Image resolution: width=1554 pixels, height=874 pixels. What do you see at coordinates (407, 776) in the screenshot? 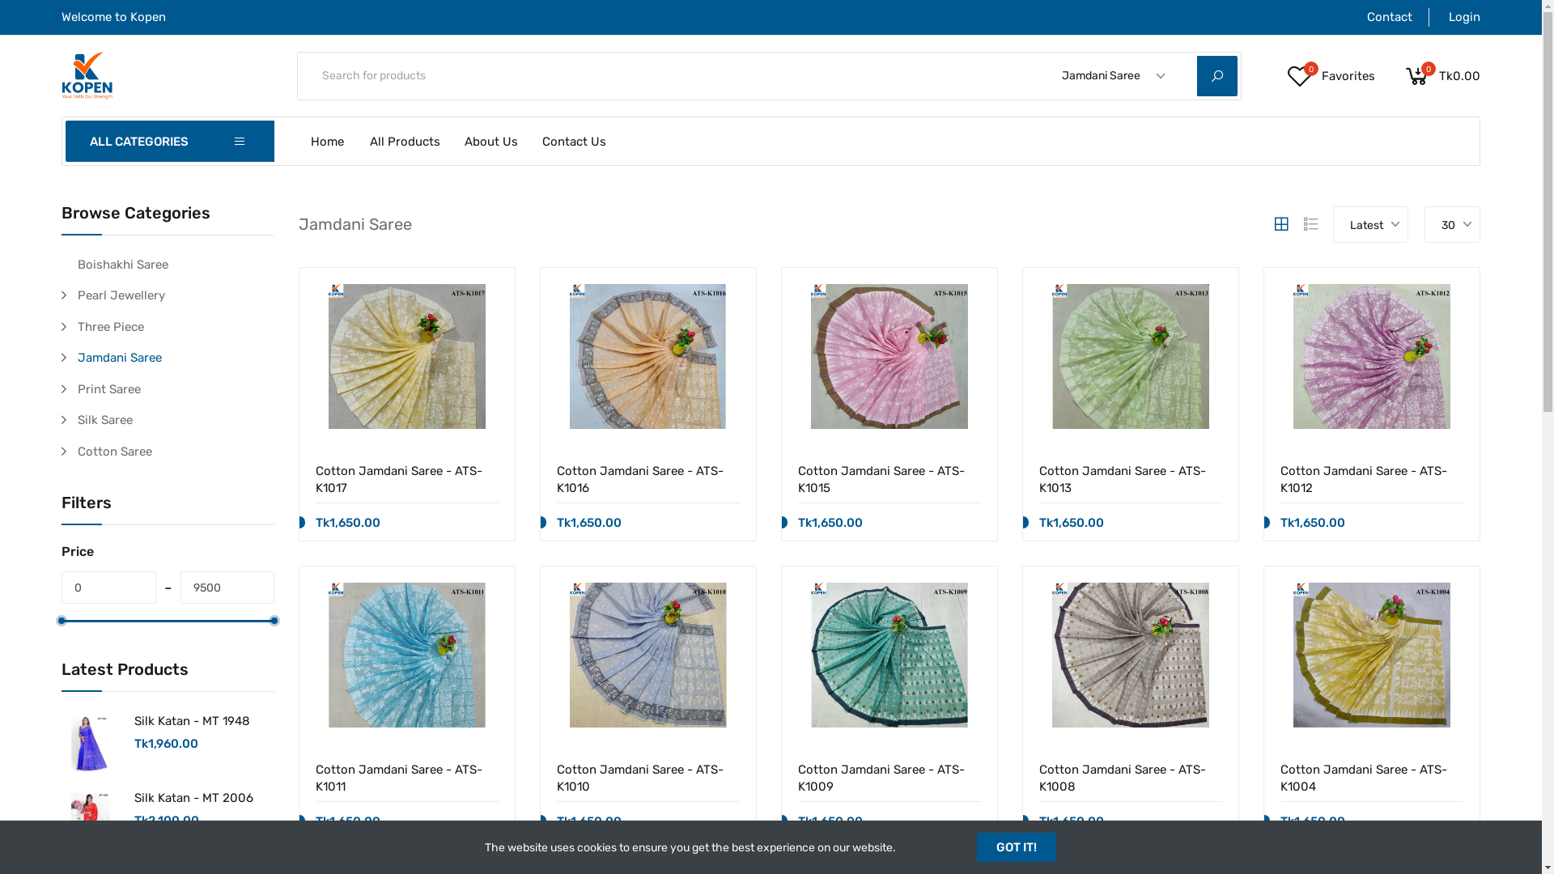
I see `'Cotton Jamdani Saree - ATS-K1011'` at bounding box center [407, 776].